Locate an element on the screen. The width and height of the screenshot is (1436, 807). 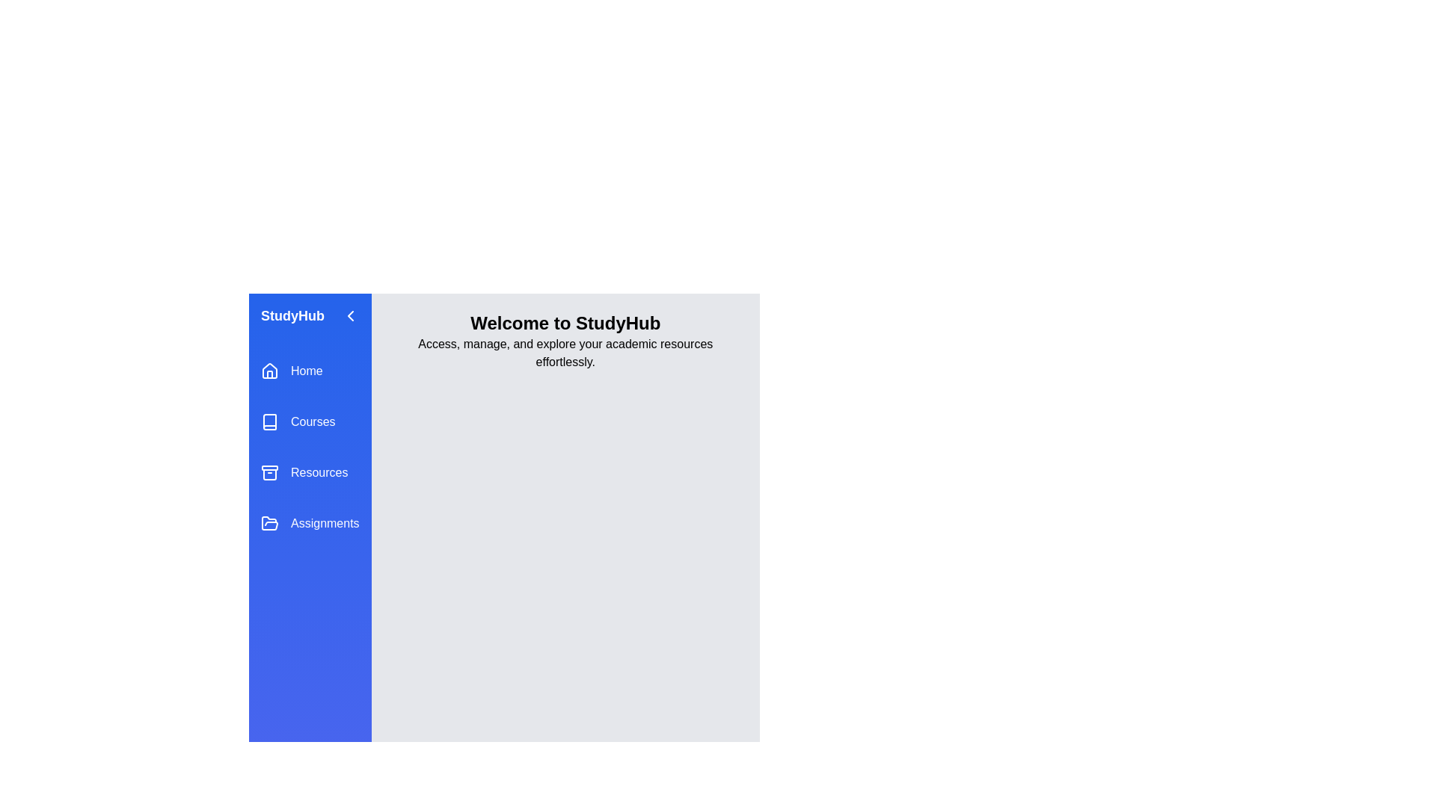
the arrow button to toggle the drawer state is located at coordinates (349, 315).